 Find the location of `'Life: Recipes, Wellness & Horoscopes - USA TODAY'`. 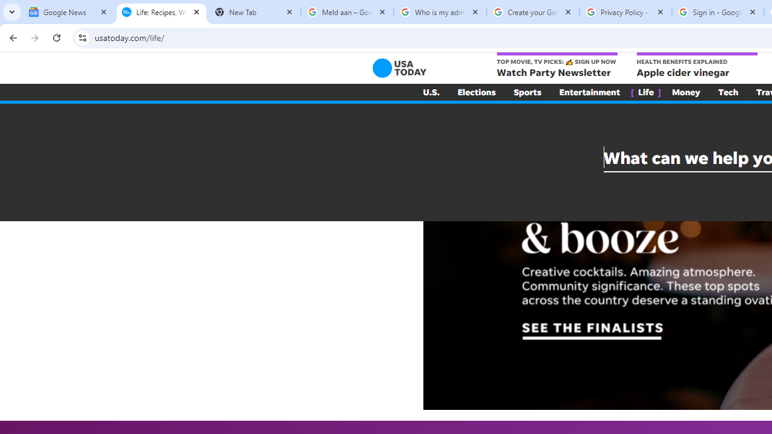

'Life: Recipes, Wellness & Horoscopes - USA TODAY' is located at coordinates (161, 12).